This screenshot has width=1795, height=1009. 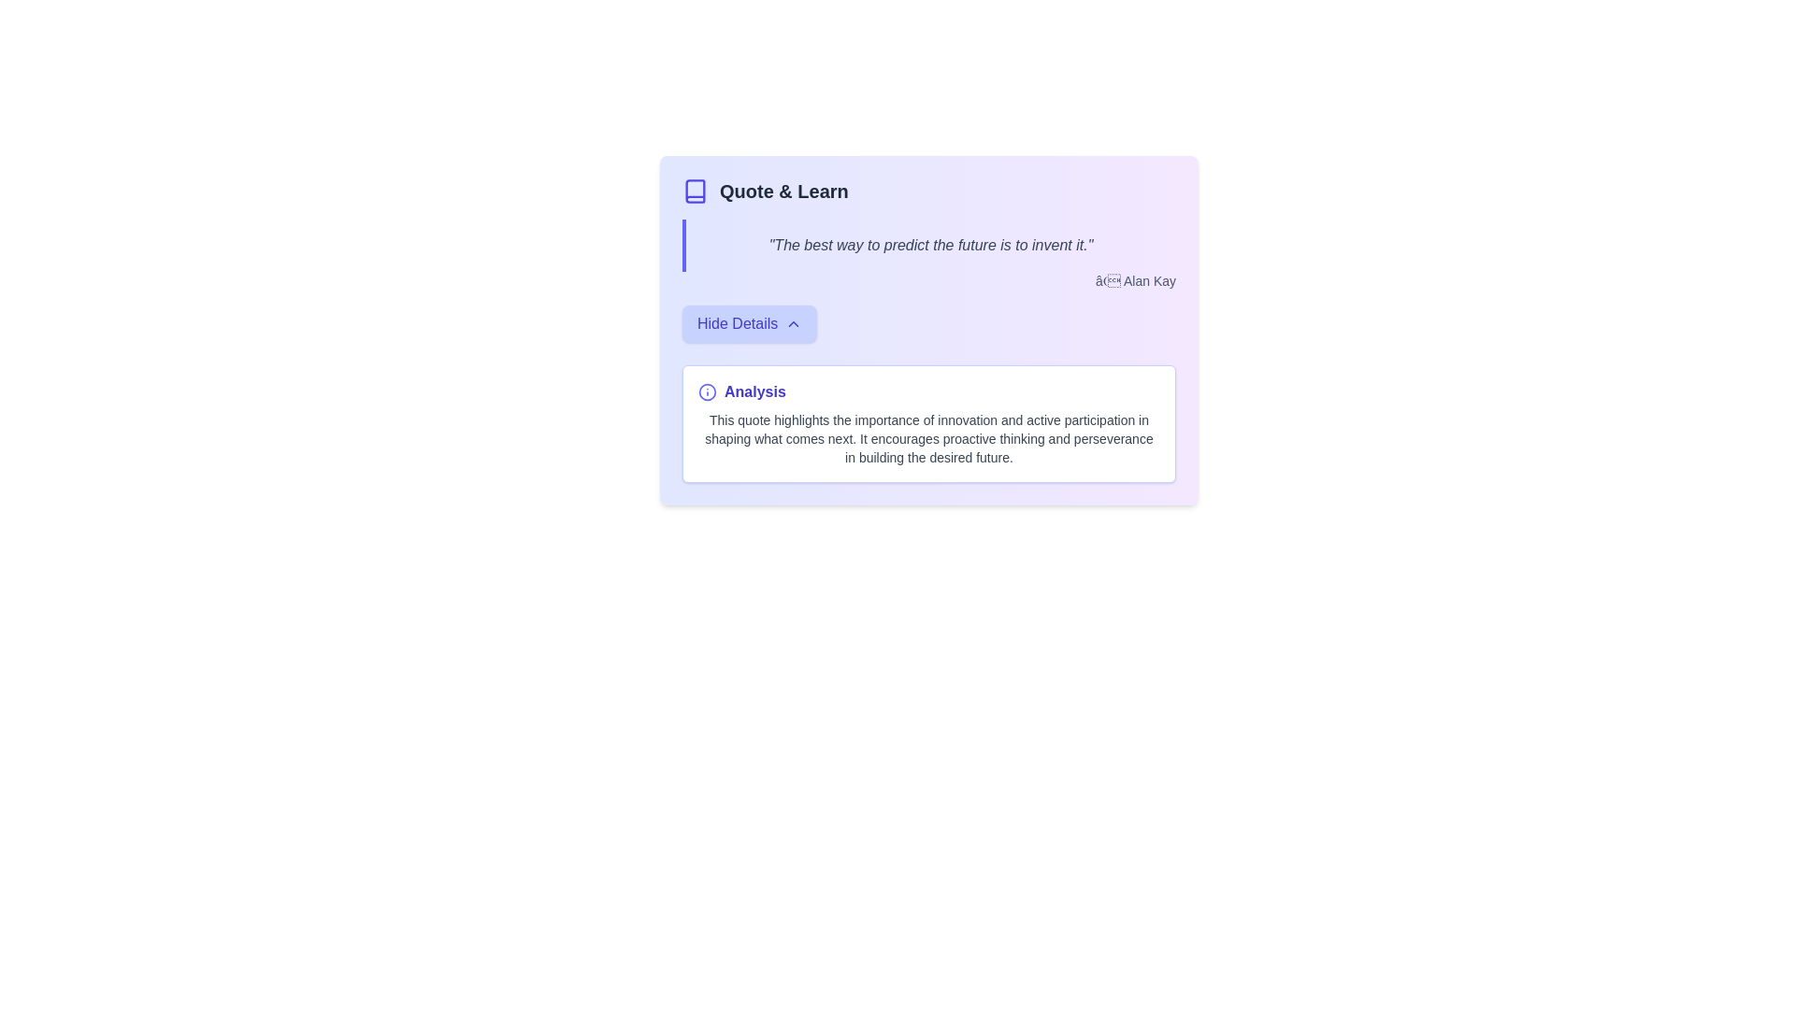 I want to click on the outermost circle of the information icon located in the top-right corner of the card-like interface, so click(x=707, y=391).